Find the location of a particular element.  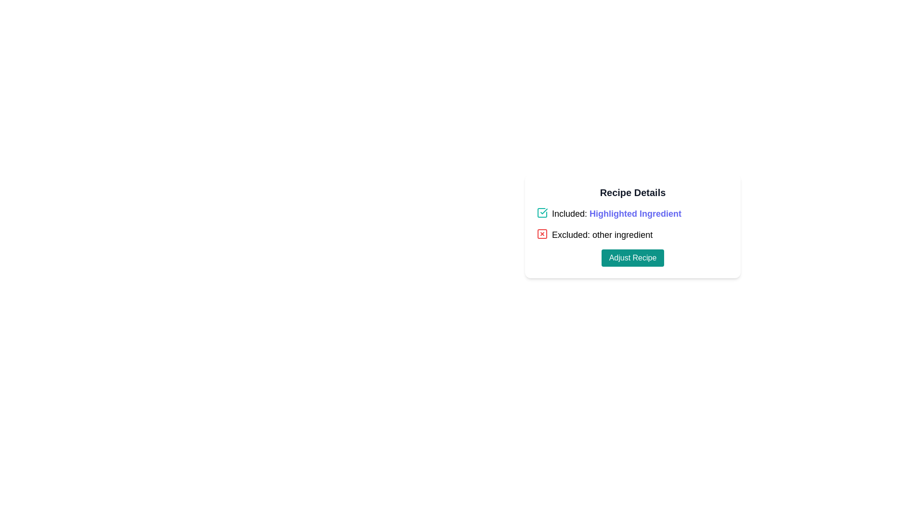

the text label 'Highlighted Ingredient', which is styled in bold blue and follows the label 'Included:' is located at coordinates (633, 213).